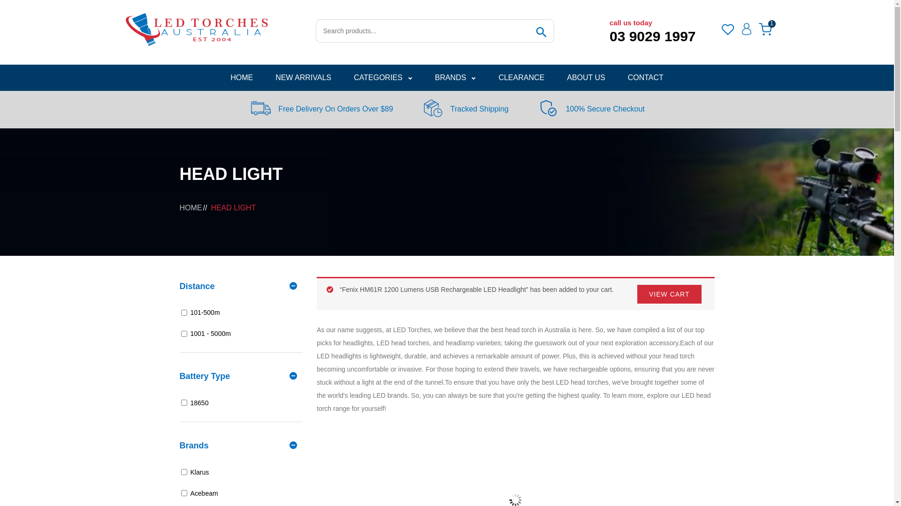 The height and width of the screenshot is (506, 901). What do you see at coordinates (383, 77) in the screenshot?
I see `'CATEGORIES'` at bounding box center [383, 77].